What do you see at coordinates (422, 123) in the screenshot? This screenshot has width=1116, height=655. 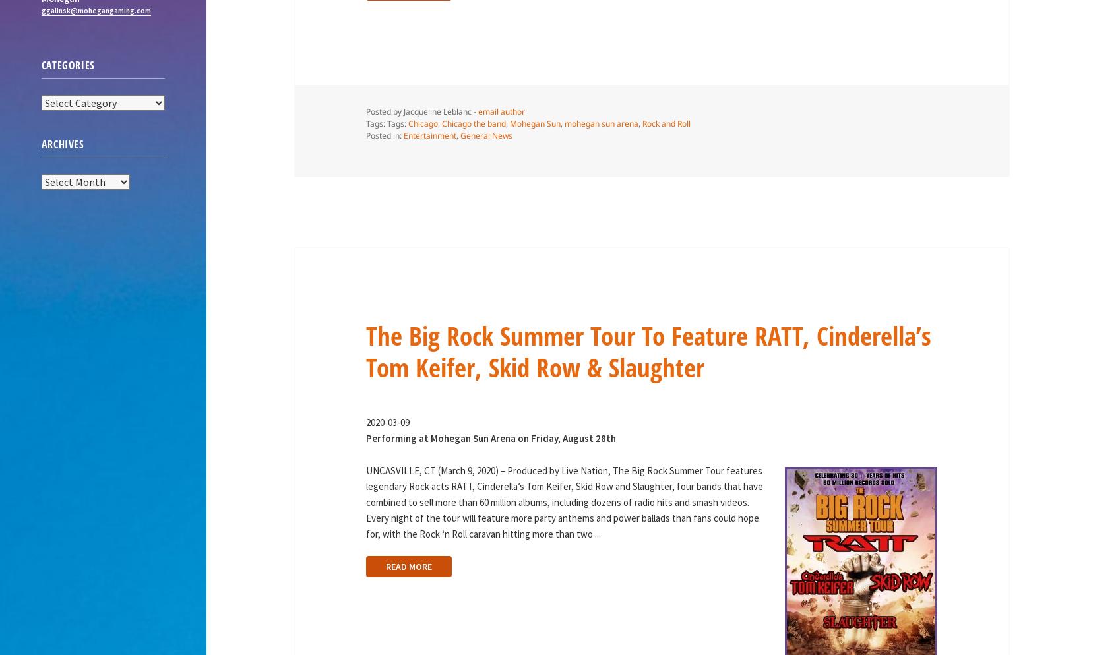 I see `'Chicago'` at bounding box center [422, 123].